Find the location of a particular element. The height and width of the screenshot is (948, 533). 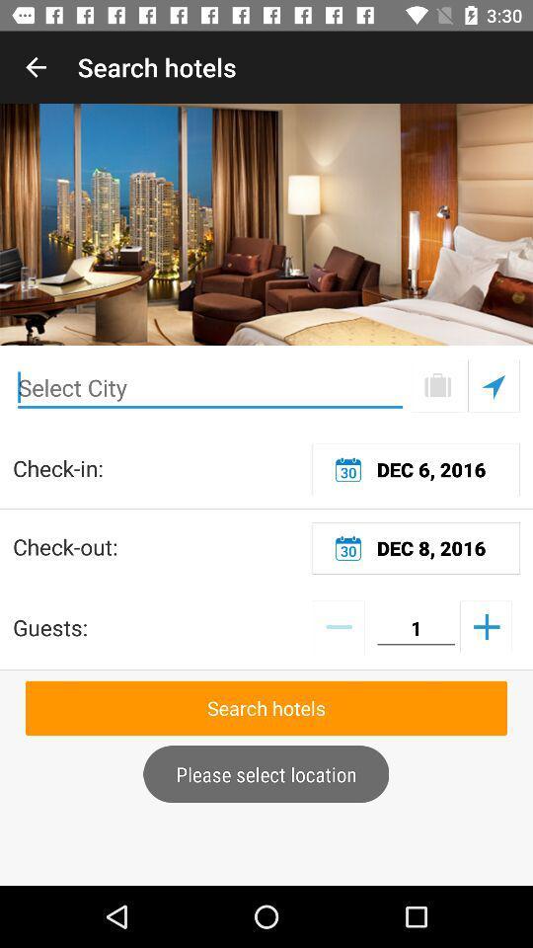

location option is located at coordinates (493, 385).